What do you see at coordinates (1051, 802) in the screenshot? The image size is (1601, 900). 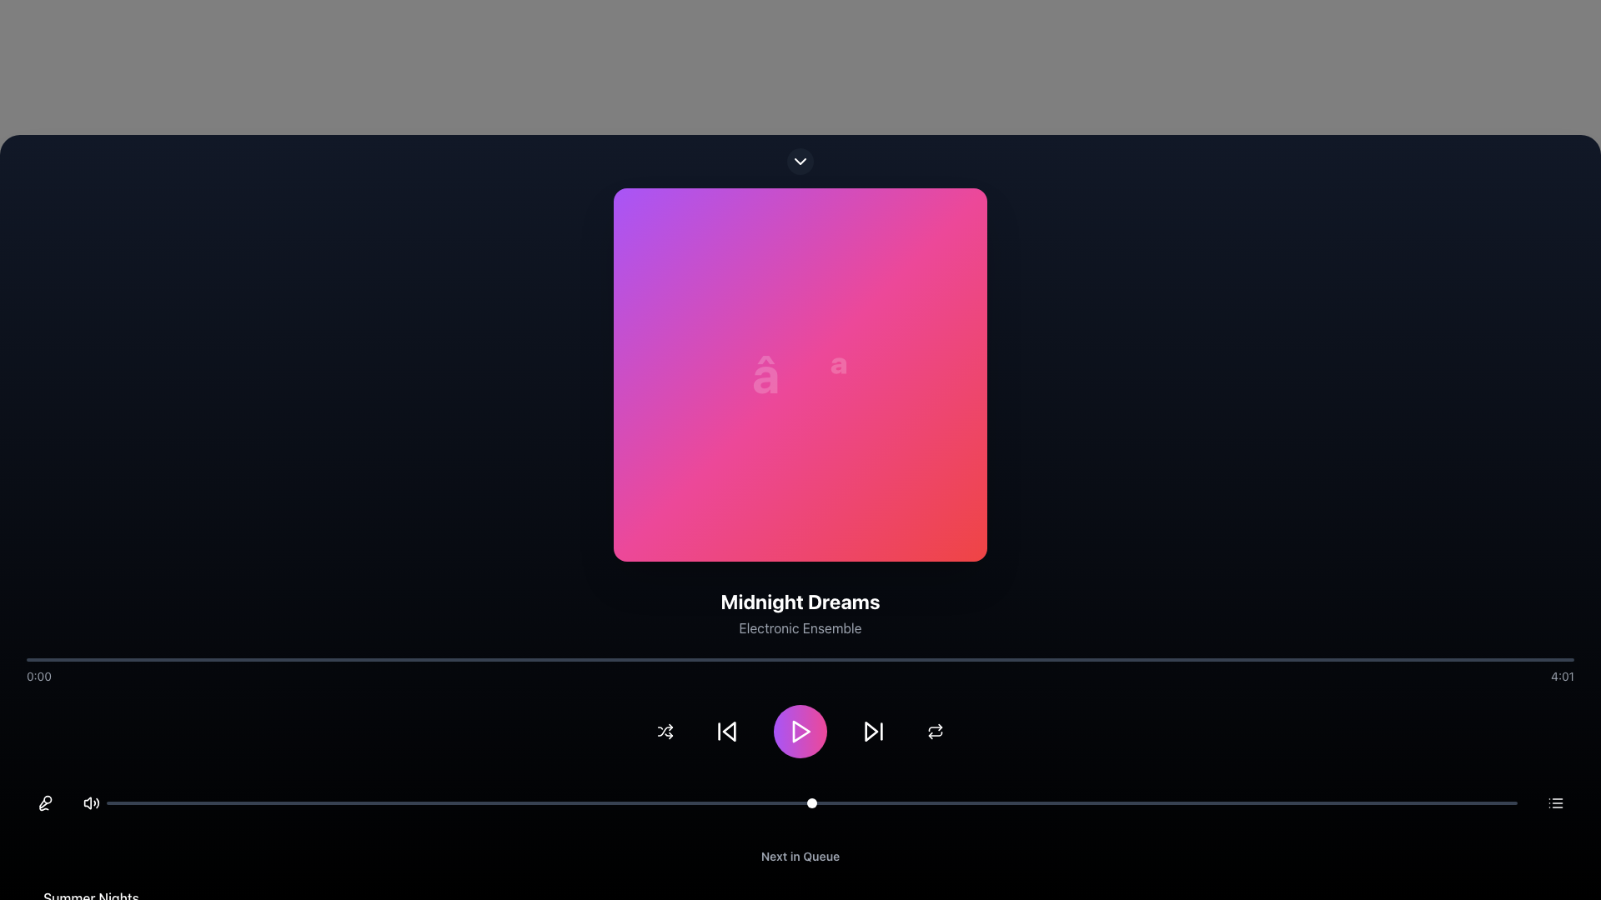 I see `the slider value` at bounding box center [1051, 802].